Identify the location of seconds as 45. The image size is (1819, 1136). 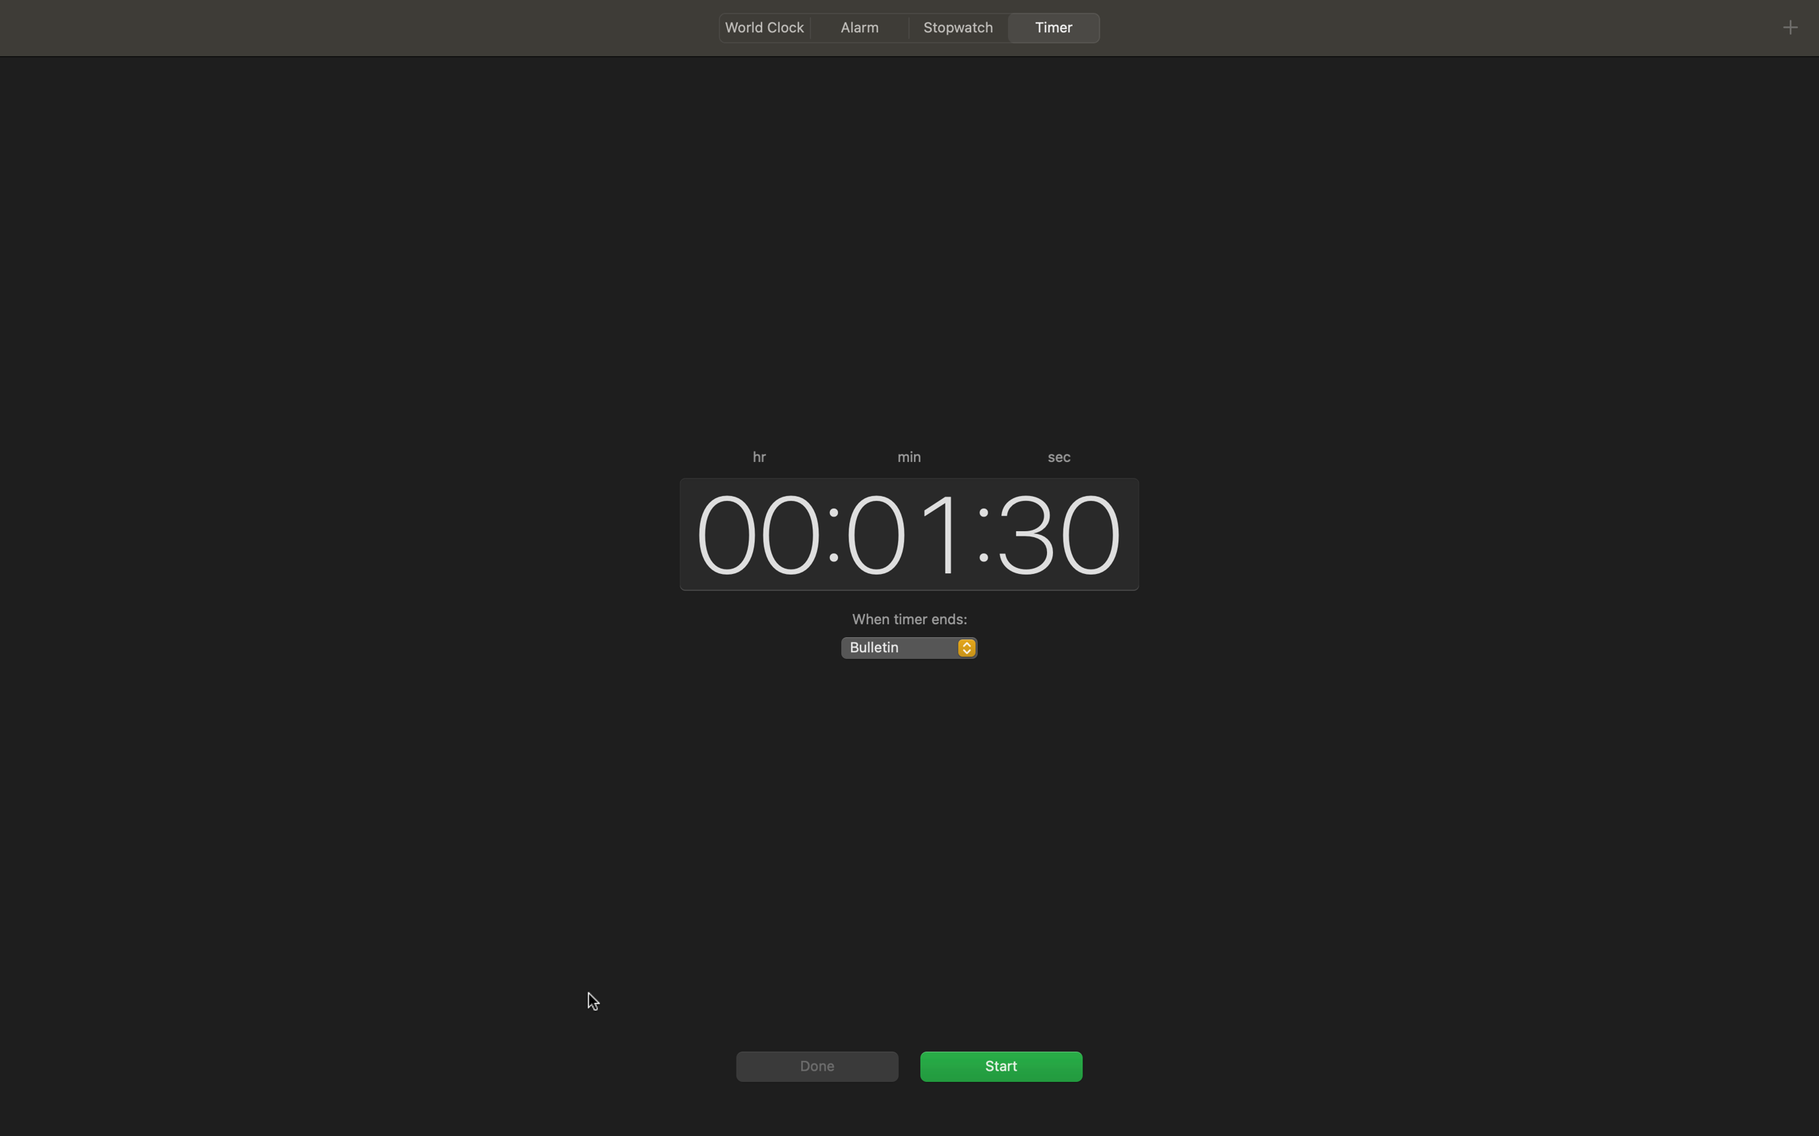
(1061, 530).